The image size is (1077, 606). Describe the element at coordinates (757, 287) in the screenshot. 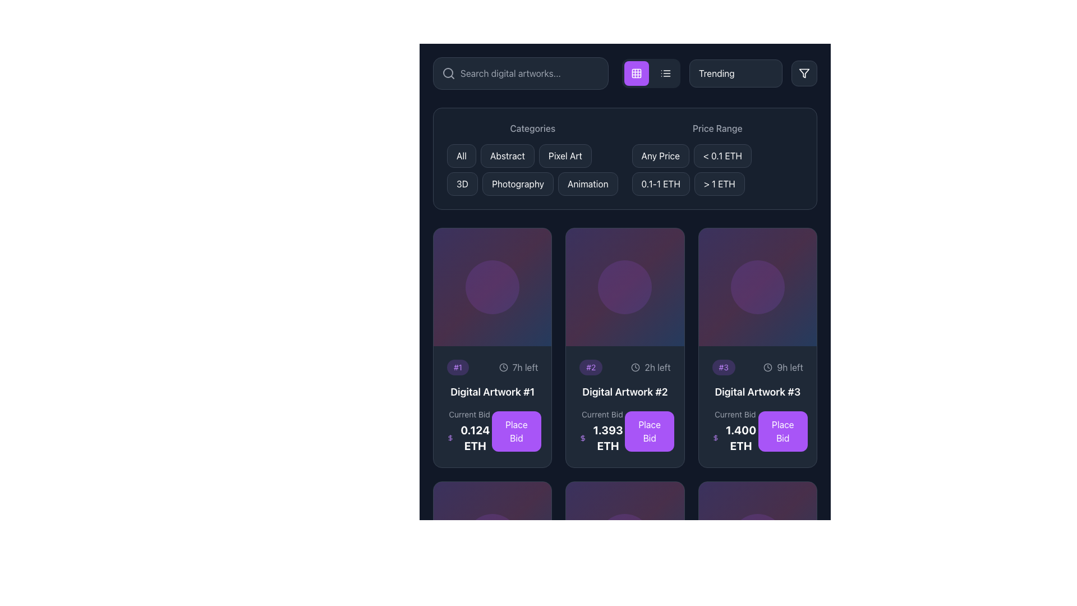

I see `the decorative circular accent component with a gradient purple color, centrally located in the top half of the third card in a horizontally aligned grid layout` at that location.